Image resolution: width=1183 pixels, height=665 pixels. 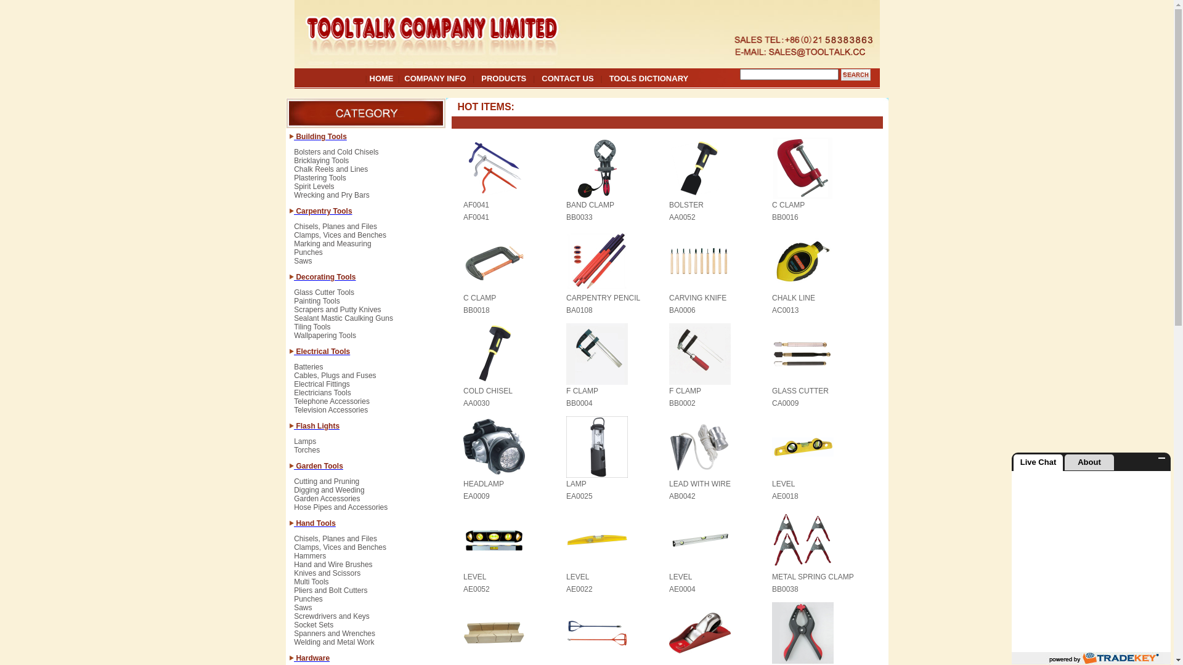 What do you see at coordinates (503, 78) in the screenshot?
I see `'PRODUCTS'` at bounding box center [503, 78].